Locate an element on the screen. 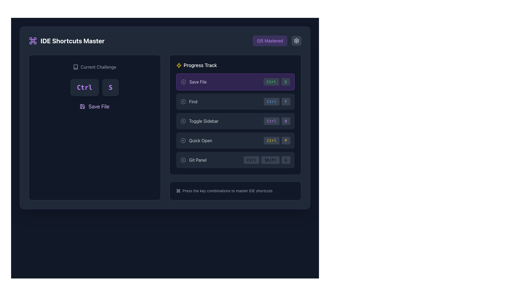 This screenshot has height=292, width=519. the 'Quick Open' text label with the circled 'X' icon located in the 'Progress Track' section, which is the third item in a vertical list is located at coordinates (196, 140).